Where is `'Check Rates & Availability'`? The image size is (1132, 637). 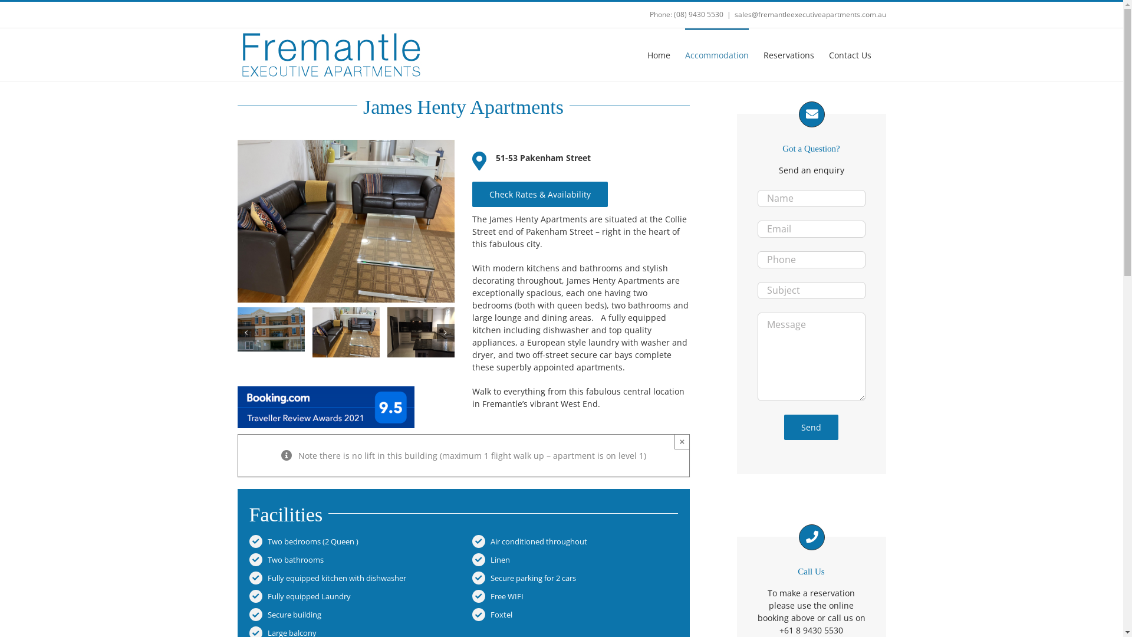 'Check Rates & Availability' is located at coordinates (539, 193).